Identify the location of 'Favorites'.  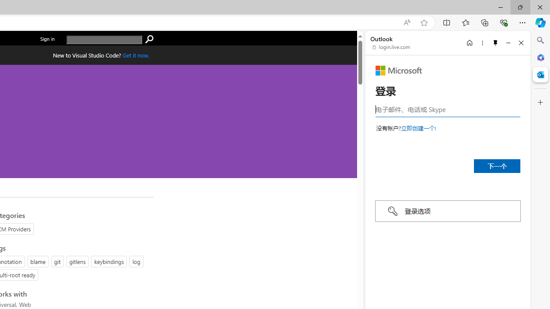
(465, 22).